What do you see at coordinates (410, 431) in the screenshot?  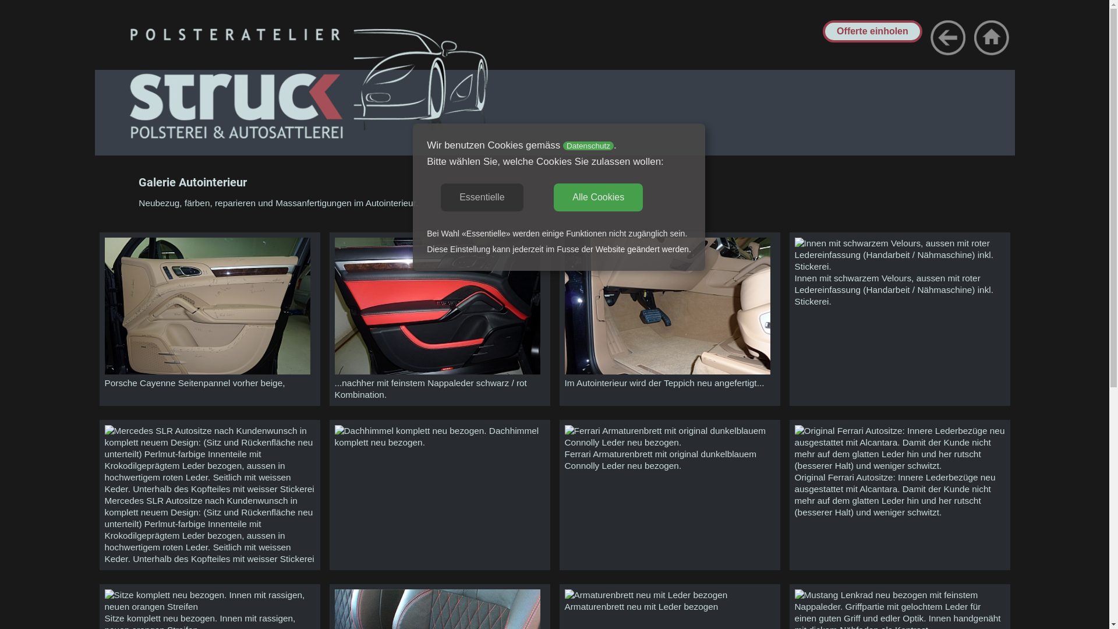 I see `'Dachhimmel komplett neu bezogen.'` at bounding box center [410, 431].